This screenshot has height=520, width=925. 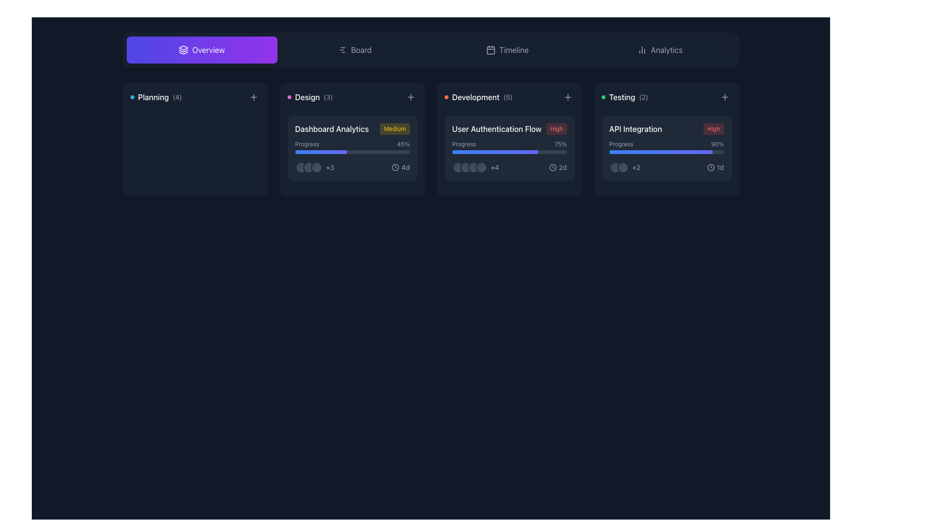 I want to click on the Progress Bar that visually represents the completion of the 'User Authentication Flow' task, which shows 75% completion, located under the 'Development' section, so click(x=509, y=152).